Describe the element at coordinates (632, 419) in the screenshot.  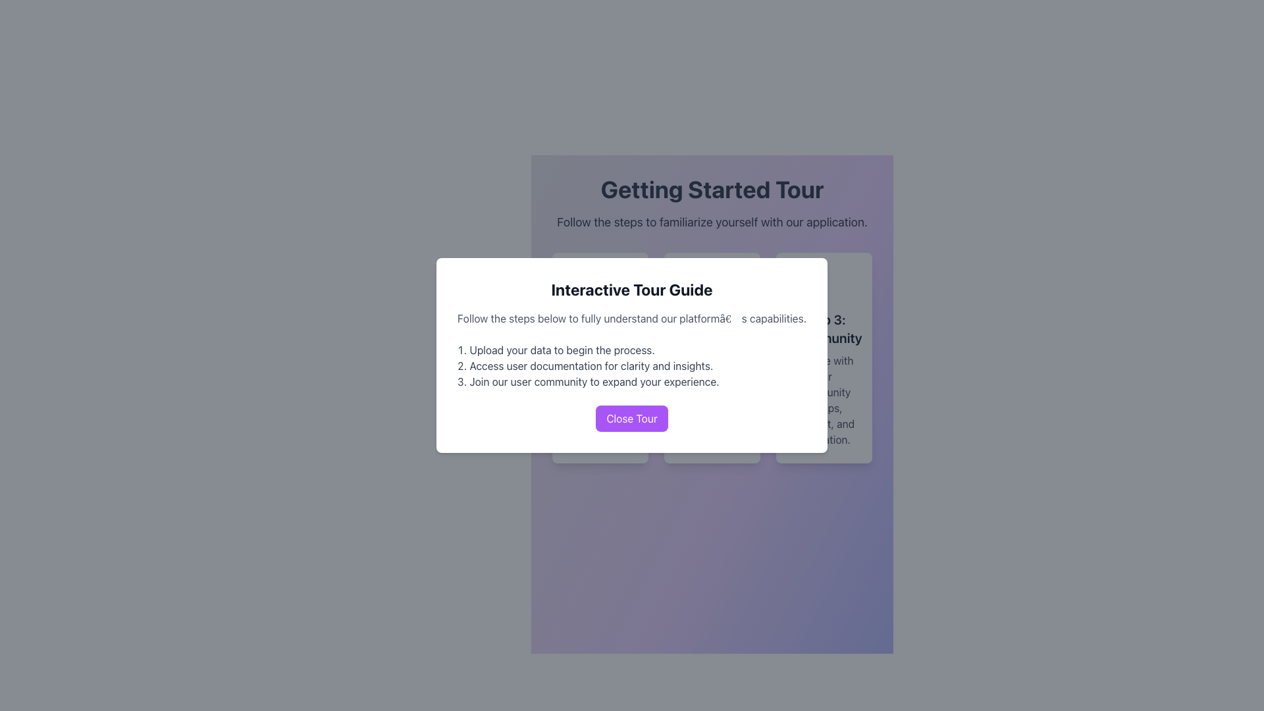
I see `the close button located at the bottom of the 'Interactive Tour Guide' dialog` at that location.